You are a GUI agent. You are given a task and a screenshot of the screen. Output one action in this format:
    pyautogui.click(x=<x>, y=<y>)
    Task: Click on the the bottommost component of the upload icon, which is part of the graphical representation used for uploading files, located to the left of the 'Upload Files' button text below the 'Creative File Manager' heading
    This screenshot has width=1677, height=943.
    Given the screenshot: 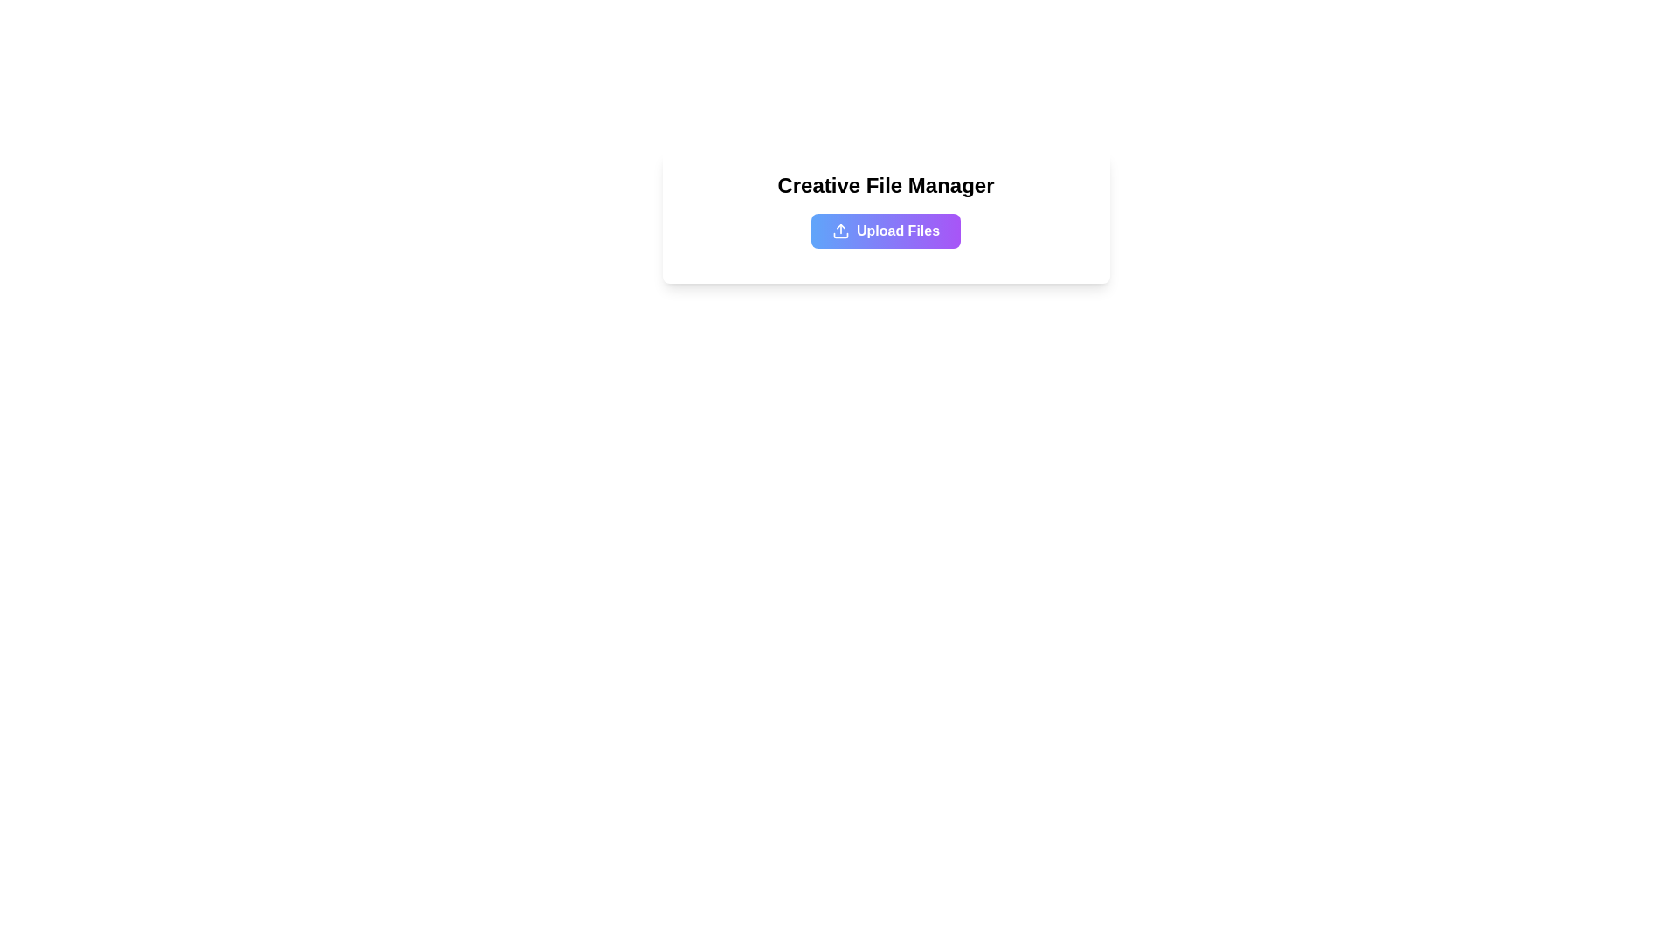 What is the action you would take?
    pyautogui.click(x=840, y=236)
    